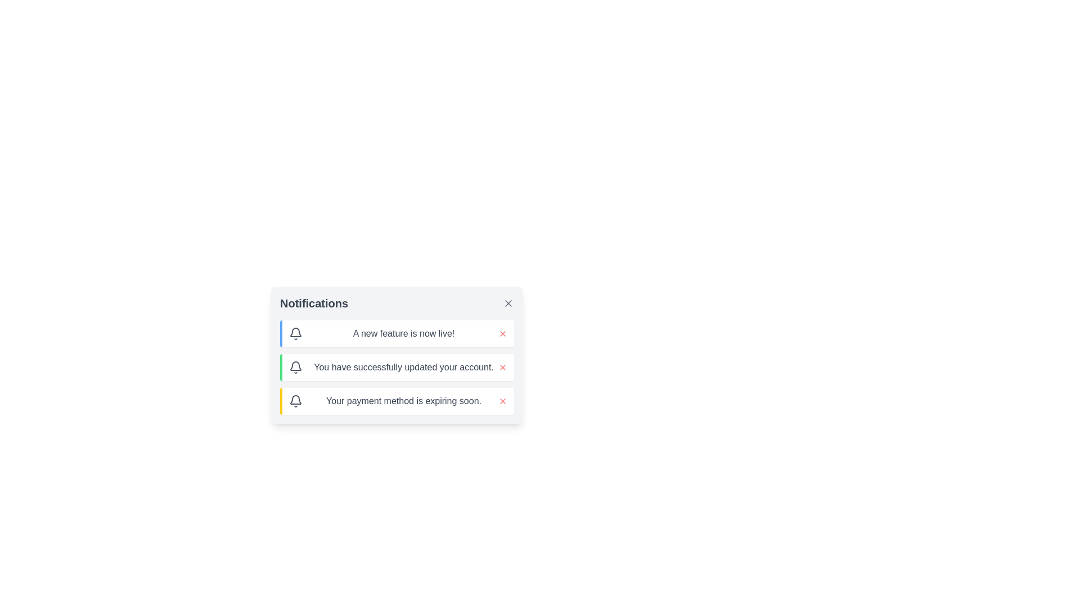  Describe the element at coordinates (404, 368) in the screenshot. I see `the text 'You have successfully updated your account.' which is centered within the second notification card that has a green border on the left` at that location.